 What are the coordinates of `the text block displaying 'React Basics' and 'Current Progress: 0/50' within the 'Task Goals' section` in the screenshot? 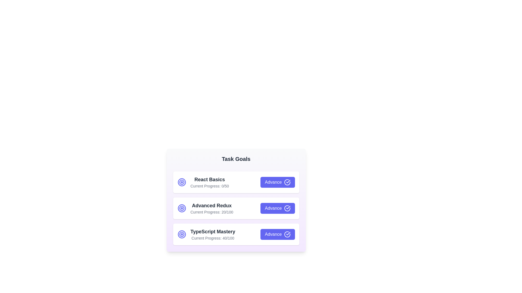 It's located at (209, 182).